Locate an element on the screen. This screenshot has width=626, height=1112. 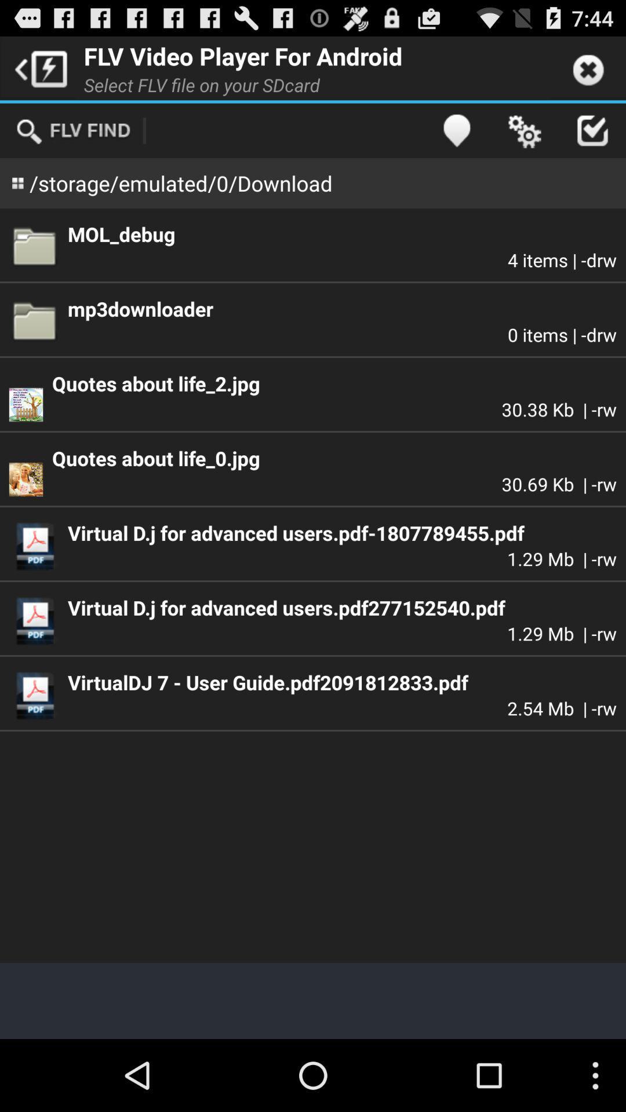
the check icon is located at coordinates (592, 139).